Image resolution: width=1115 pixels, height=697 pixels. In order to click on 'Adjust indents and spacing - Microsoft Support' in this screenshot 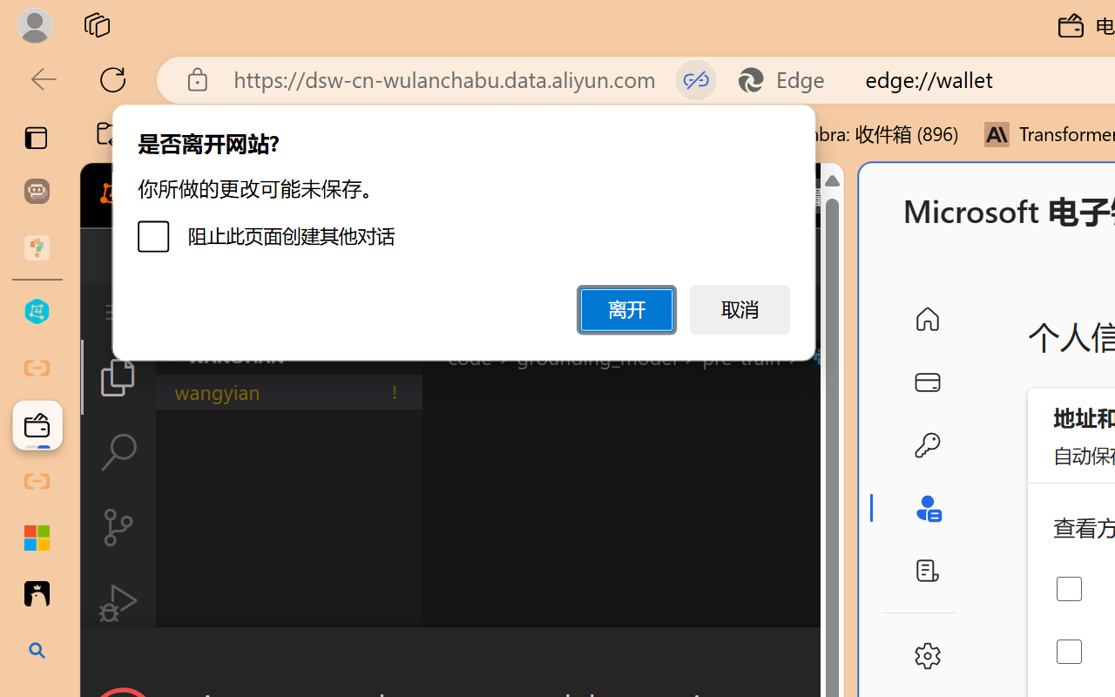, I will do `click(37, 538)`.